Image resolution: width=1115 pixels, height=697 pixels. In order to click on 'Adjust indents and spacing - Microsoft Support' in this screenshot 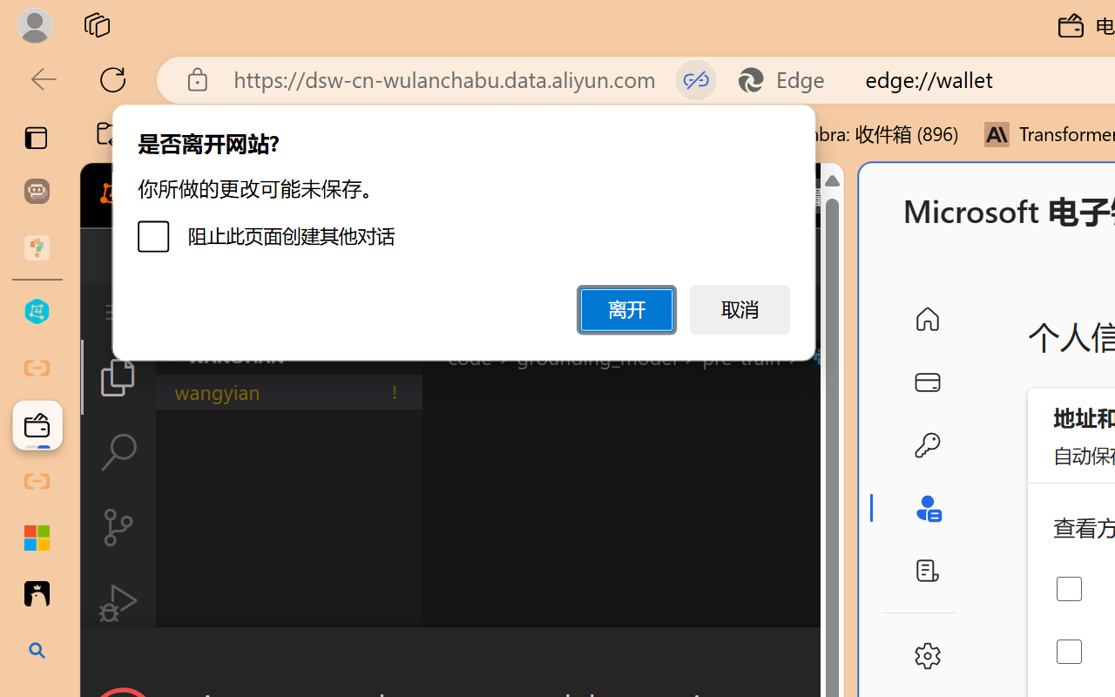, I will do `click(37, 538)`.